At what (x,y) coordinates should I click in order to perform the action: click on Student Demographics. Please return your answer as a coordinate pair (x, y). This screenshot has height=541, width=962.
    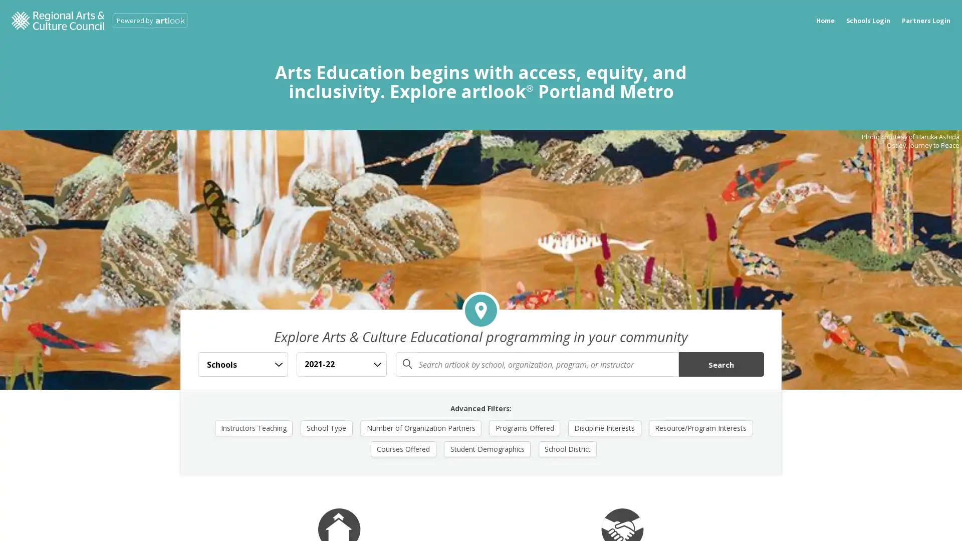
    Looking at the image, I should click on (487, 448).